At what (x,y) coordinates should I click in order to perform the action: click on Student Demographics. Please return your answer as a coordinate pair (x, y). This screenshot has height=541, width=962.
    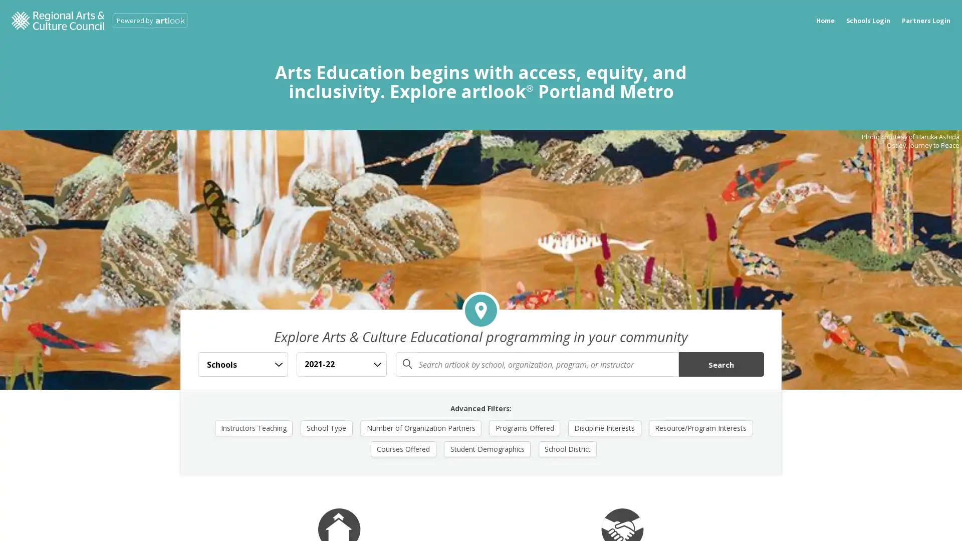
    Looking at the image, I should click on (487, 448).